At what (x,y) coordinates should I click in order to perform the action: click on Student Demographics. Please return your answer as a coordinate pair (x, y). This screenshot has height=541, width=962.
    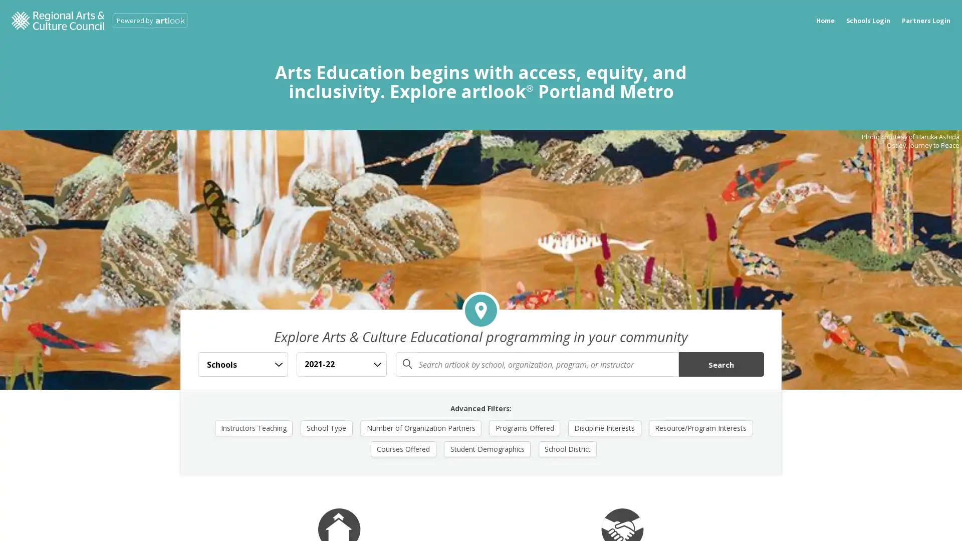
    Looking at the image, I should click on (487, 448).